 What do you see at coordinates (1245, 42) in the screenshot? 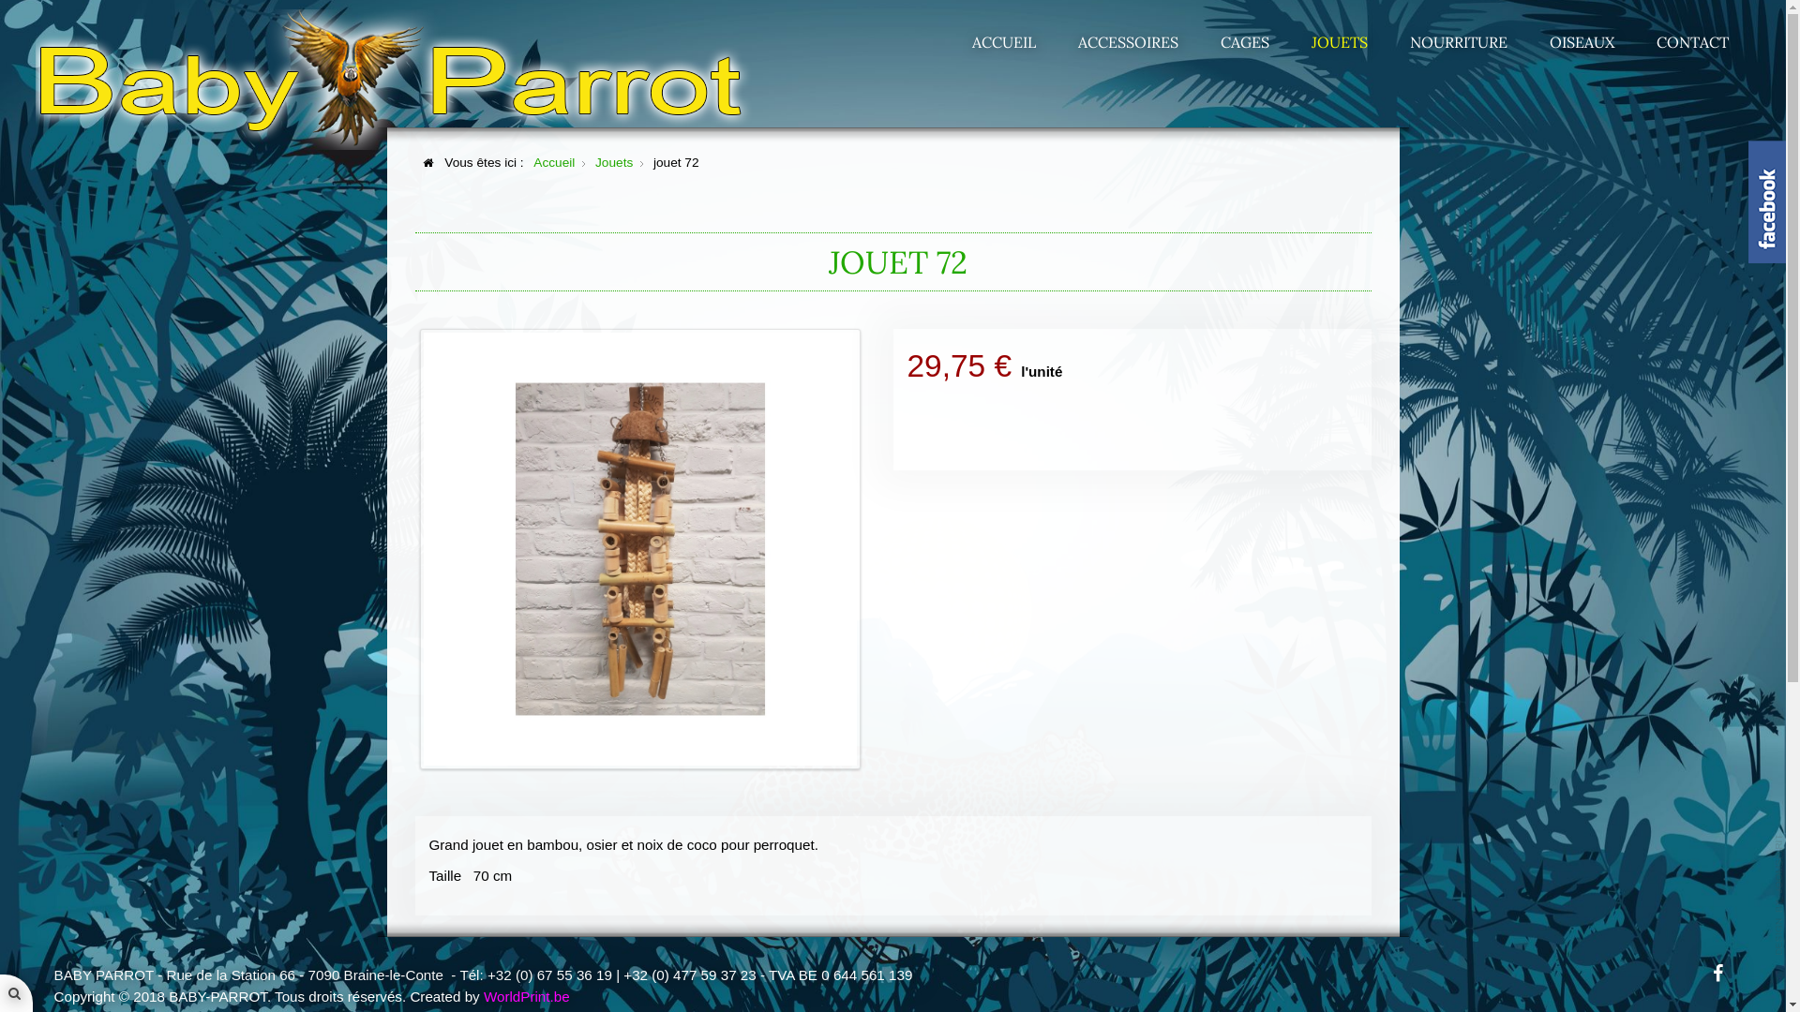
I see `'CAGES'` at bounding box center [1245, 42].